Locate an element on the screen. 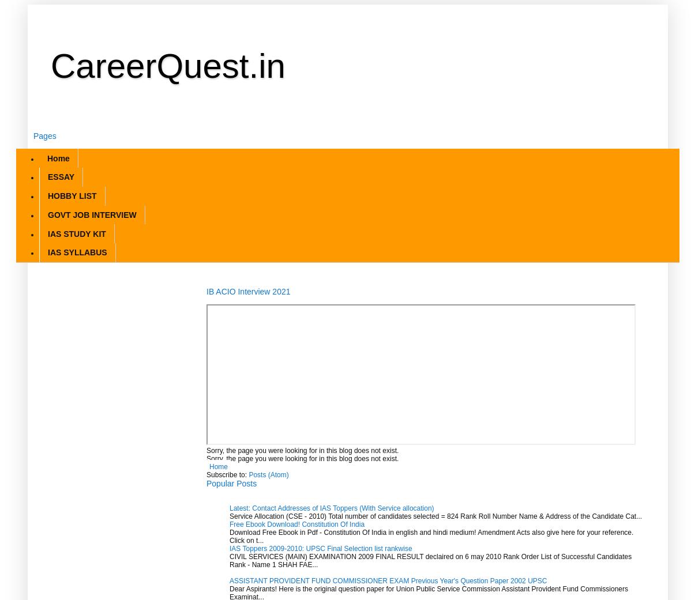  'HOBBY LIST' is located at coordinates (71, 195).